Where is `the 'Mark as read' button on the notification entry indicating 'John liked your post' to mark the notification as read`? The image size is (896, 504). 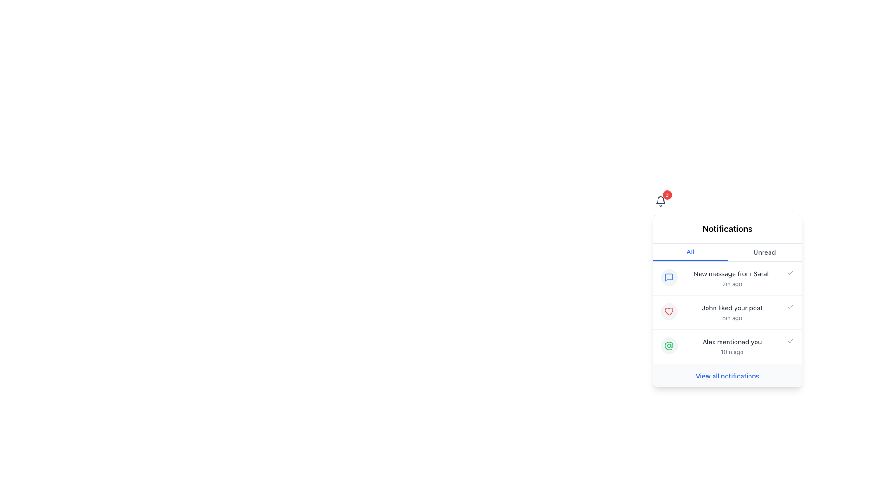
the 'Mark as read' button on the notification entry indicating 'John liked your post' to mark the notification as read is located at coordinates (727, 313).